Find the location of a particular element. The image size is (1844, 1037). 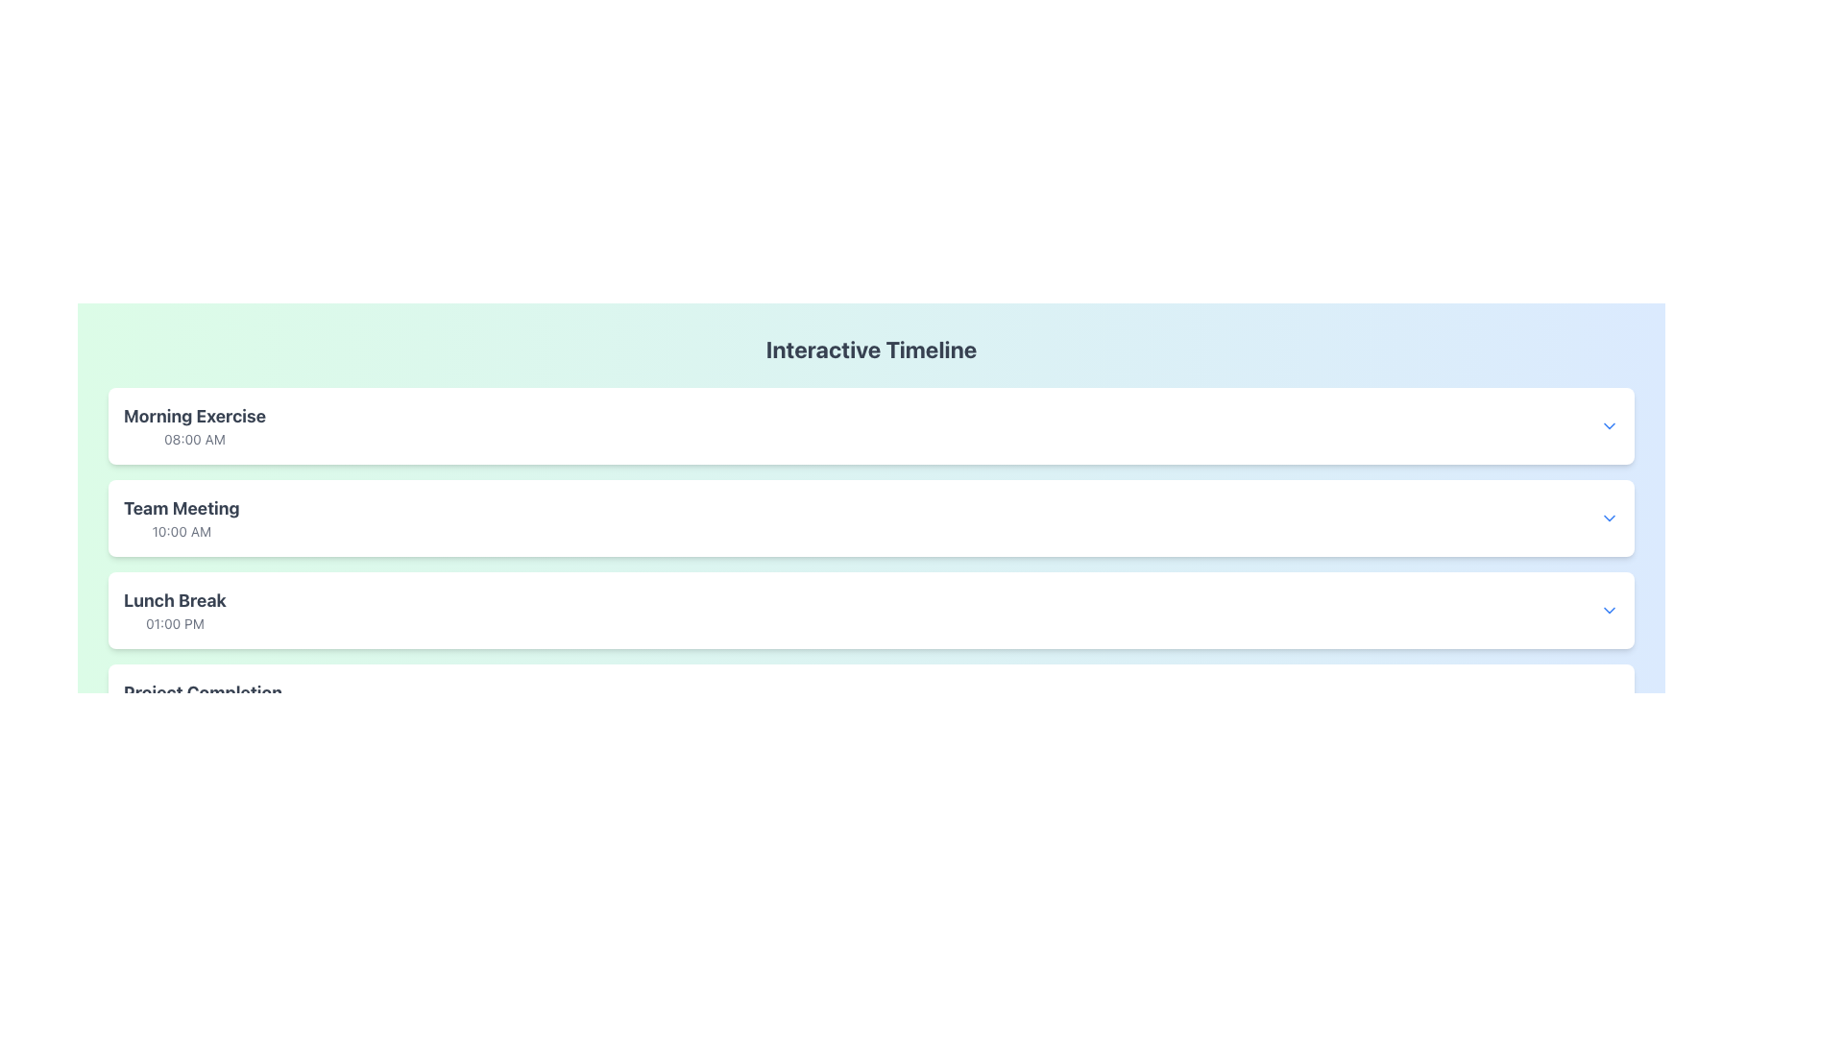

the text label displaying '10:00 AM', which is styled in a small gray font and positioned below the 'Team Meeting' title in the timeline schedule is located at coordinates (182, 532).